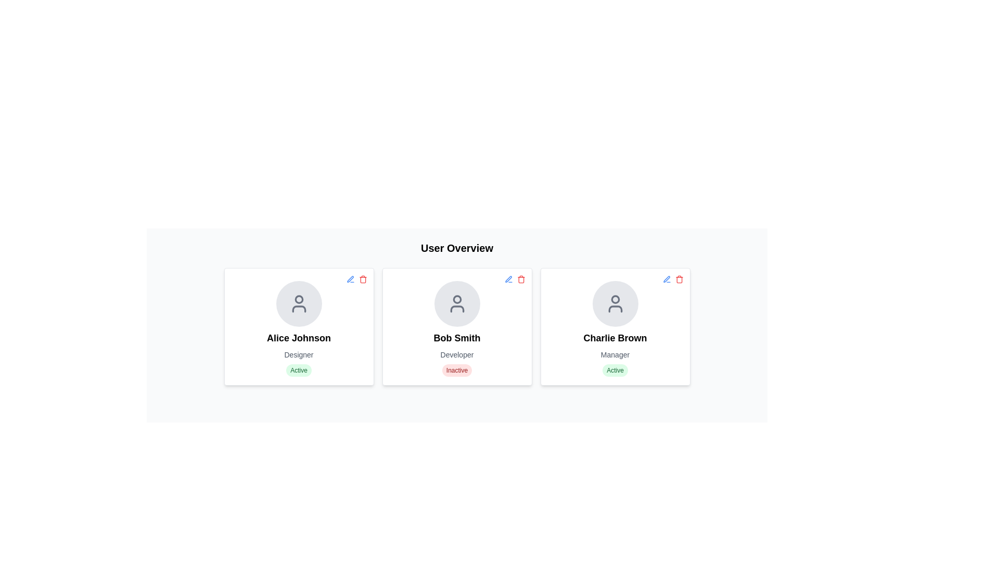 The width and height of the screenshot is (999, 562). I want to click on the delete icon button located in the top-right corner of Bob Smith's user card, so click(521, 278).